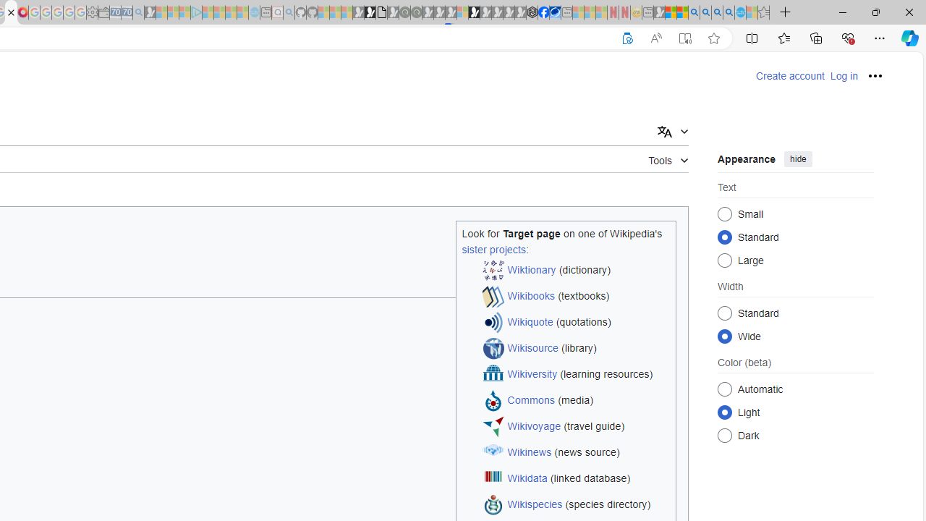 Image resolution: width=926 pixels, height=521 pixels. Describe the element at coordinates (875, 76) in the screenshot. I see `'Personal tools'` at that location.